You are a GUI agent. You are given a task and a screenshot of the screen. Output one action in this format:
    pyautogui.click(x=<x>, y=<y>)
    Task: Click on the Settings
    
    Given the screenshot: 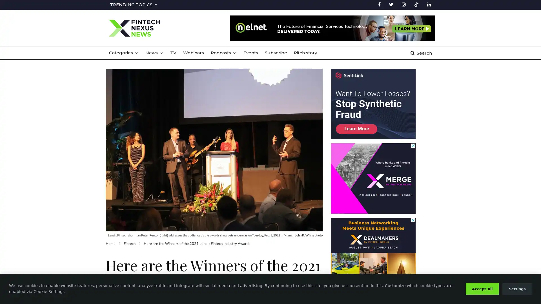 What is the action you would take?
    pyautogui.click(x=517, y=289)
    